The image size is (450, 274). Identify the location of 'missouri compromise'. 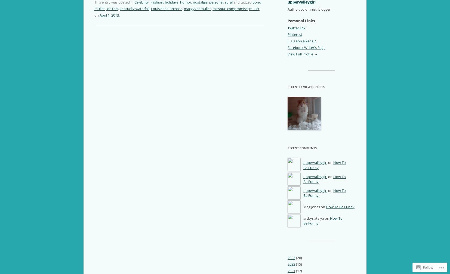
(230, 8).